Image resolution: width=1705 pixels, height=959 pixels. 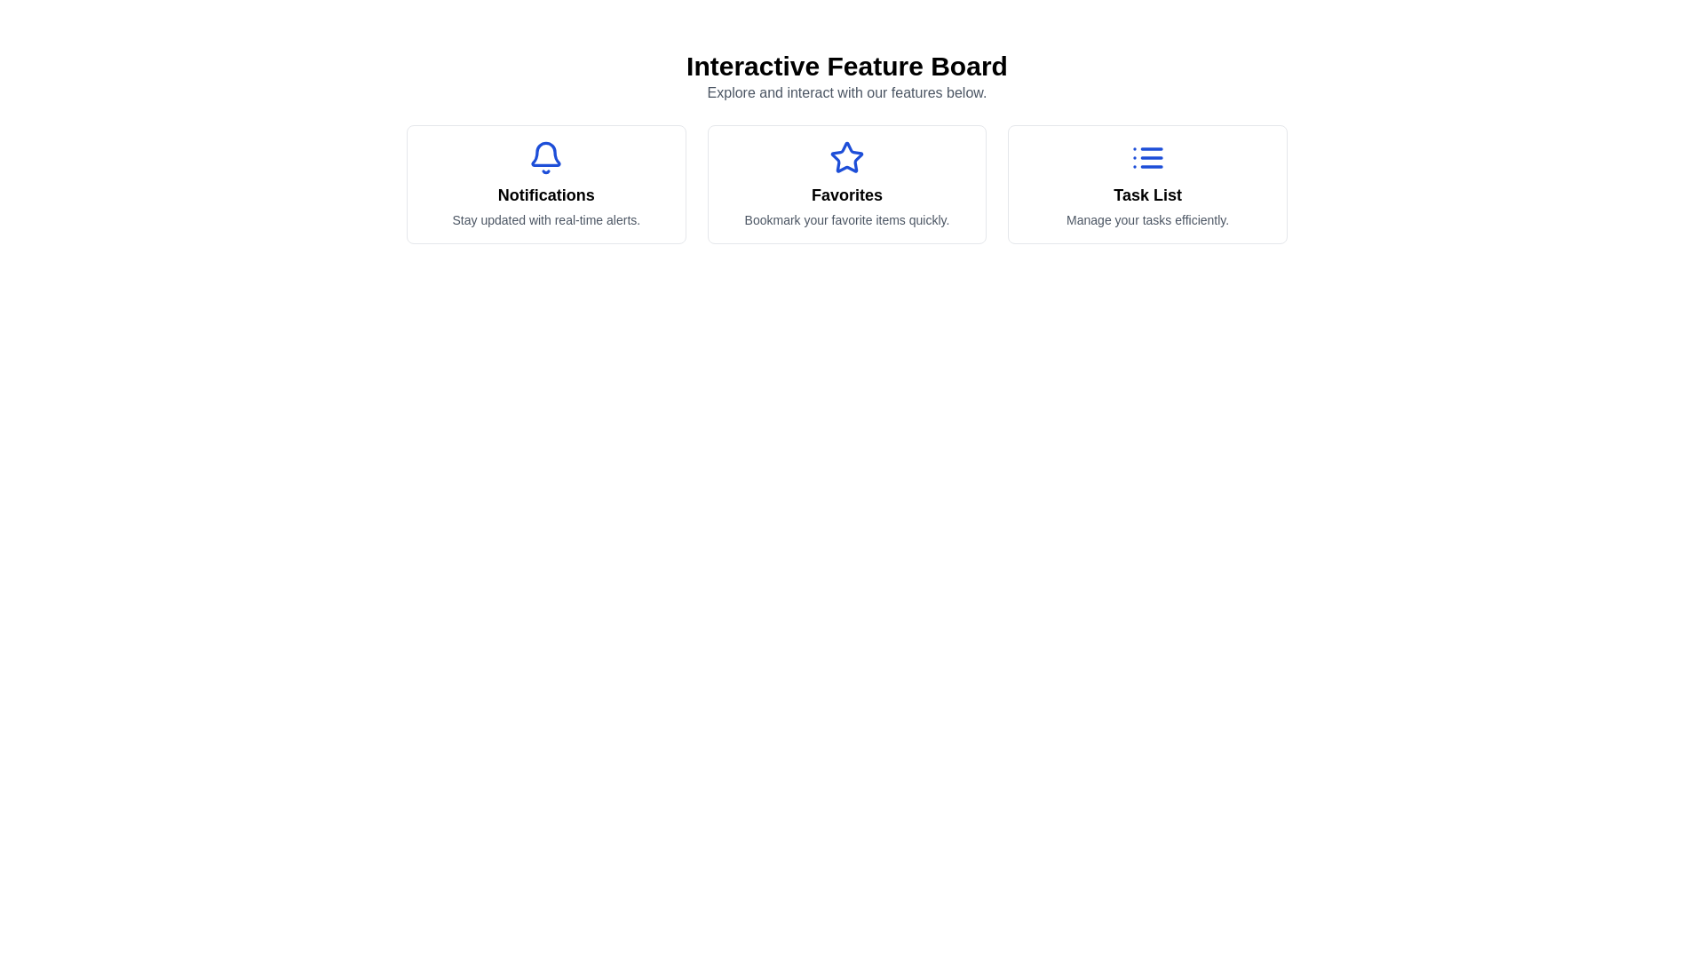 I want to click on the 'Favorites' icon located in the middle of three horizontally aligned options, activating the feature associated with marking items as favorites, so click(x=846, y=156).